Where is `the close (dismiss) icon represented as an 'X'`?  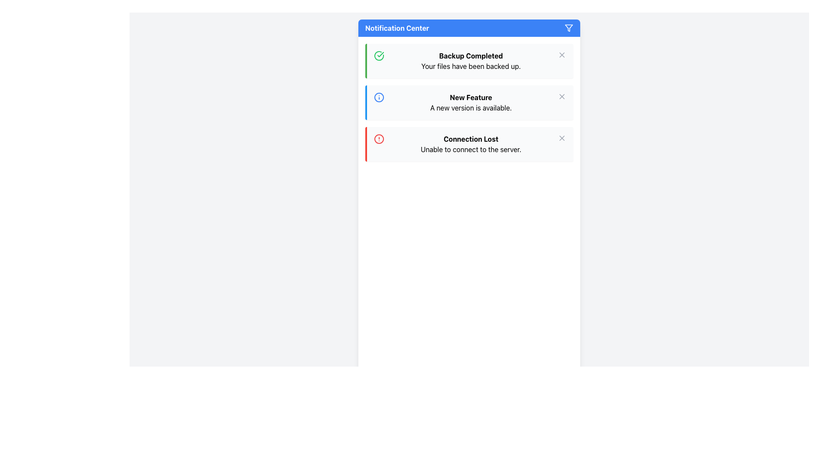 the close (dismiss) icon represented as an 'X' is located at coordinates (562, 55).